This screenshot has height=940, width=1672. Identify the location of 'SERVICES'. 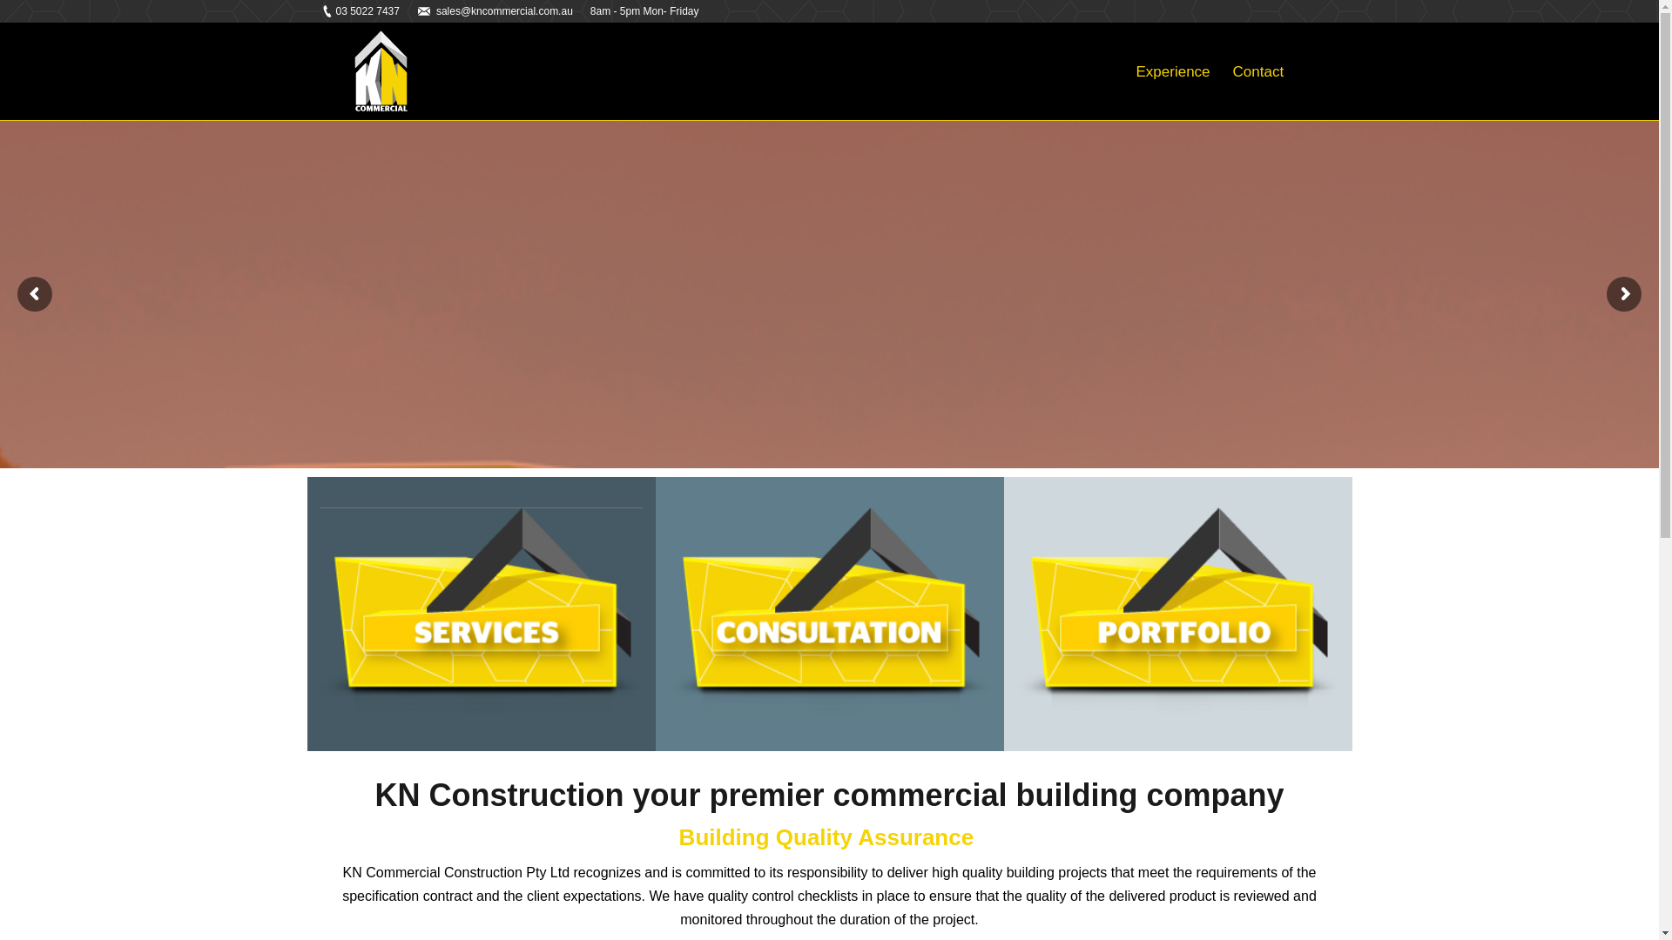
(481, 483).